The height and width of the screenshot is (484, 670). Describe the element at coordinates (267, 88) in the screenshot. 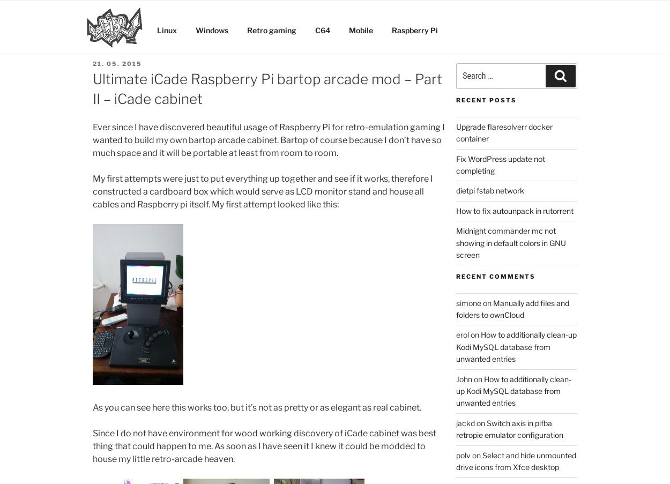

I see `'Ultimate iCade Raspberry Pi bartop arcade mod – Part II – iCade cabinet'` at that location.